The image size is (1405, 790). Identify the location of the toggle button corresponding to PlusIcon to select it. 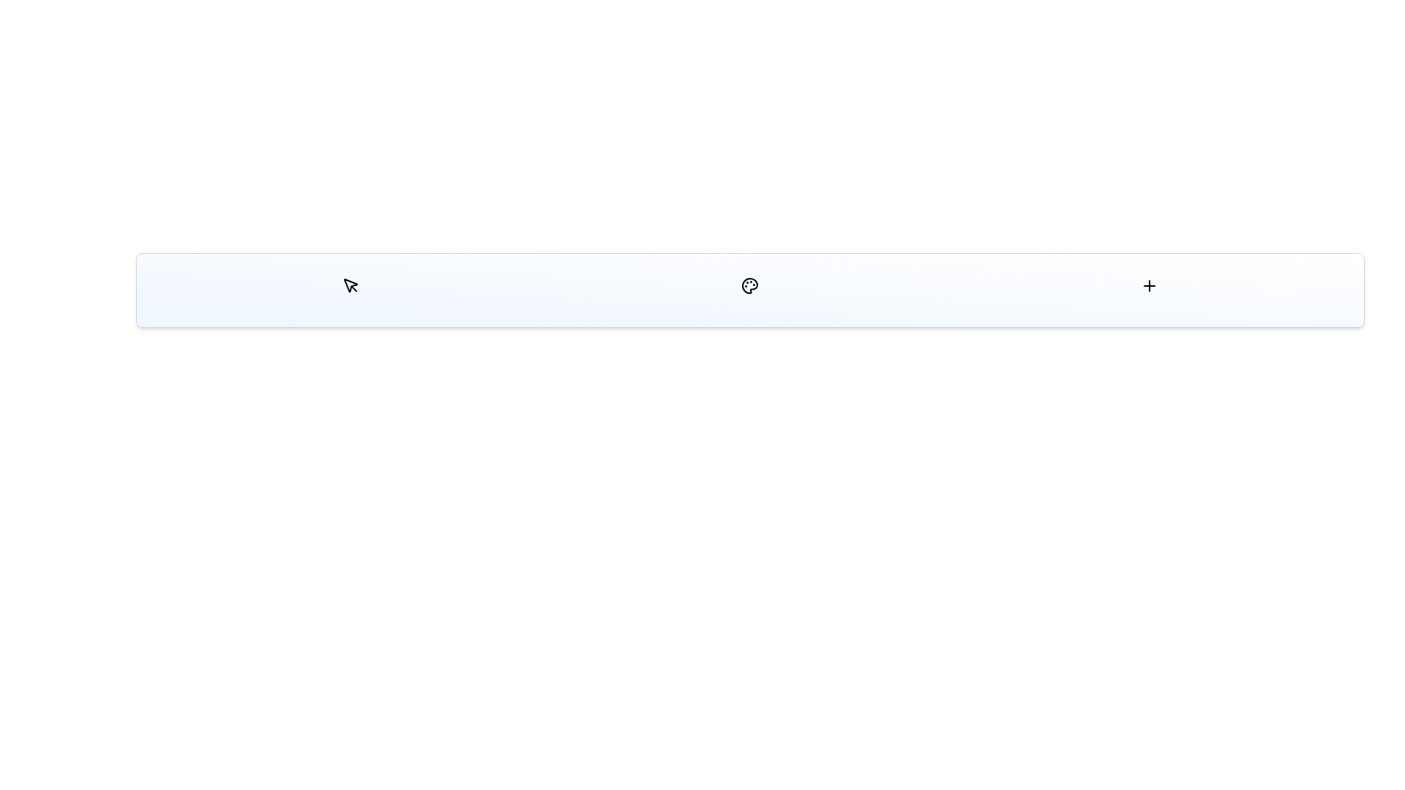
(1149, 285).